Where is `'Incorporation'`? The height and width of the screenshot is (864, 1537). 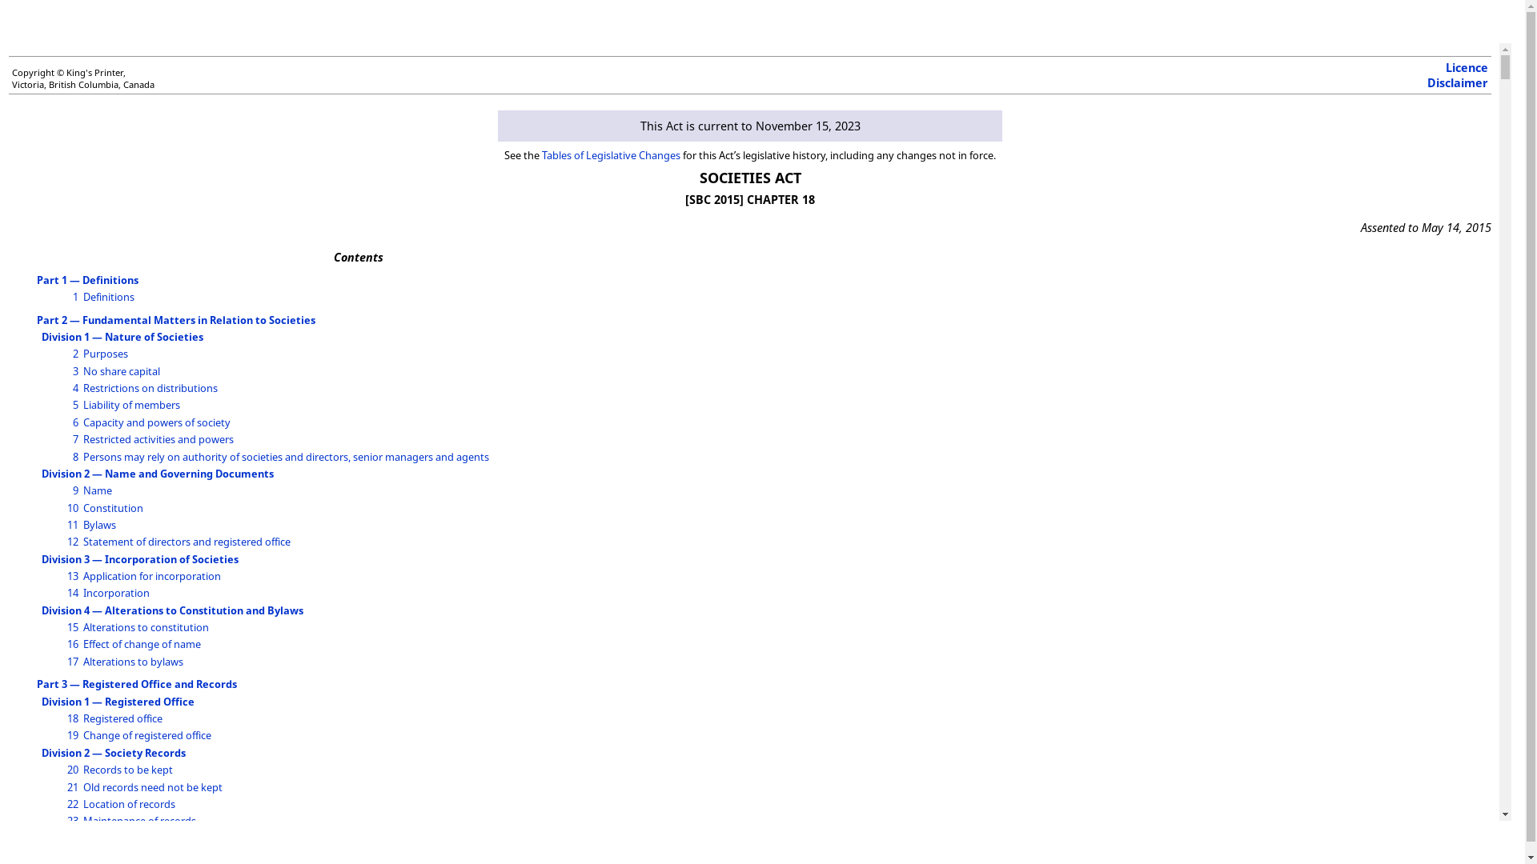
'Incorporation' is located at coordinates (115, 592).